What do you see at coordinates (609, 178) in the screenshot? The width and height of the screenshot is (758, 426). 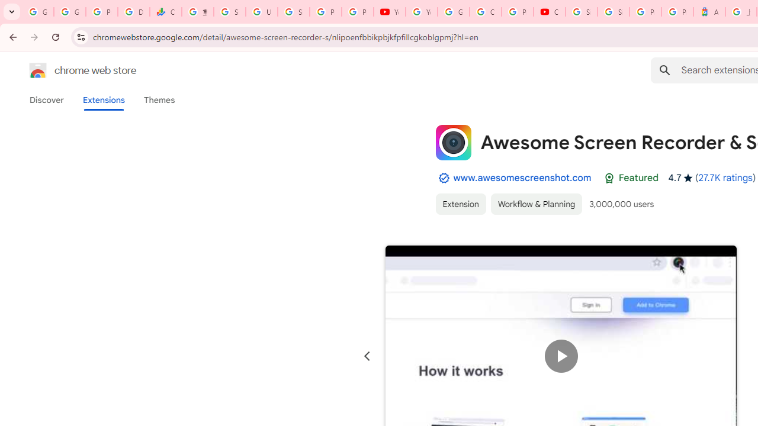 I see `'Featured Badge'` at bounding box center [609, 178].